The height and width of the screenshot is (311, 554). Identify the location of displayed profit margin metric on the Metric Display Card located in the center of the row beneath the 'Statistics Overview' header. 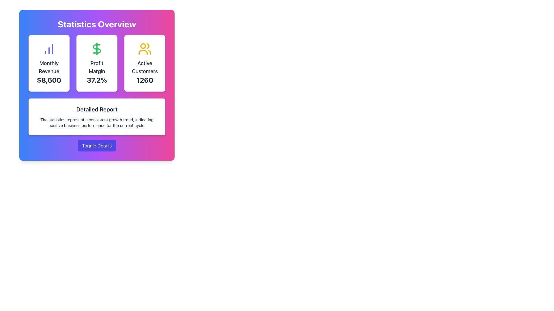
(97, 85).